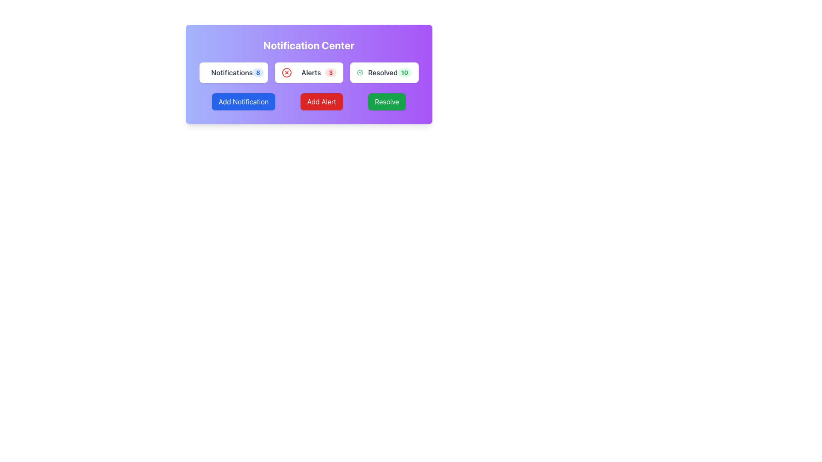 The width and height of the screenshot is (822, 462). Describe the element at coordinates (243, 101) in the screenshot. I see `the first button on the left in the horizontal row of buttons below the 'Notification Center' header` at that location.